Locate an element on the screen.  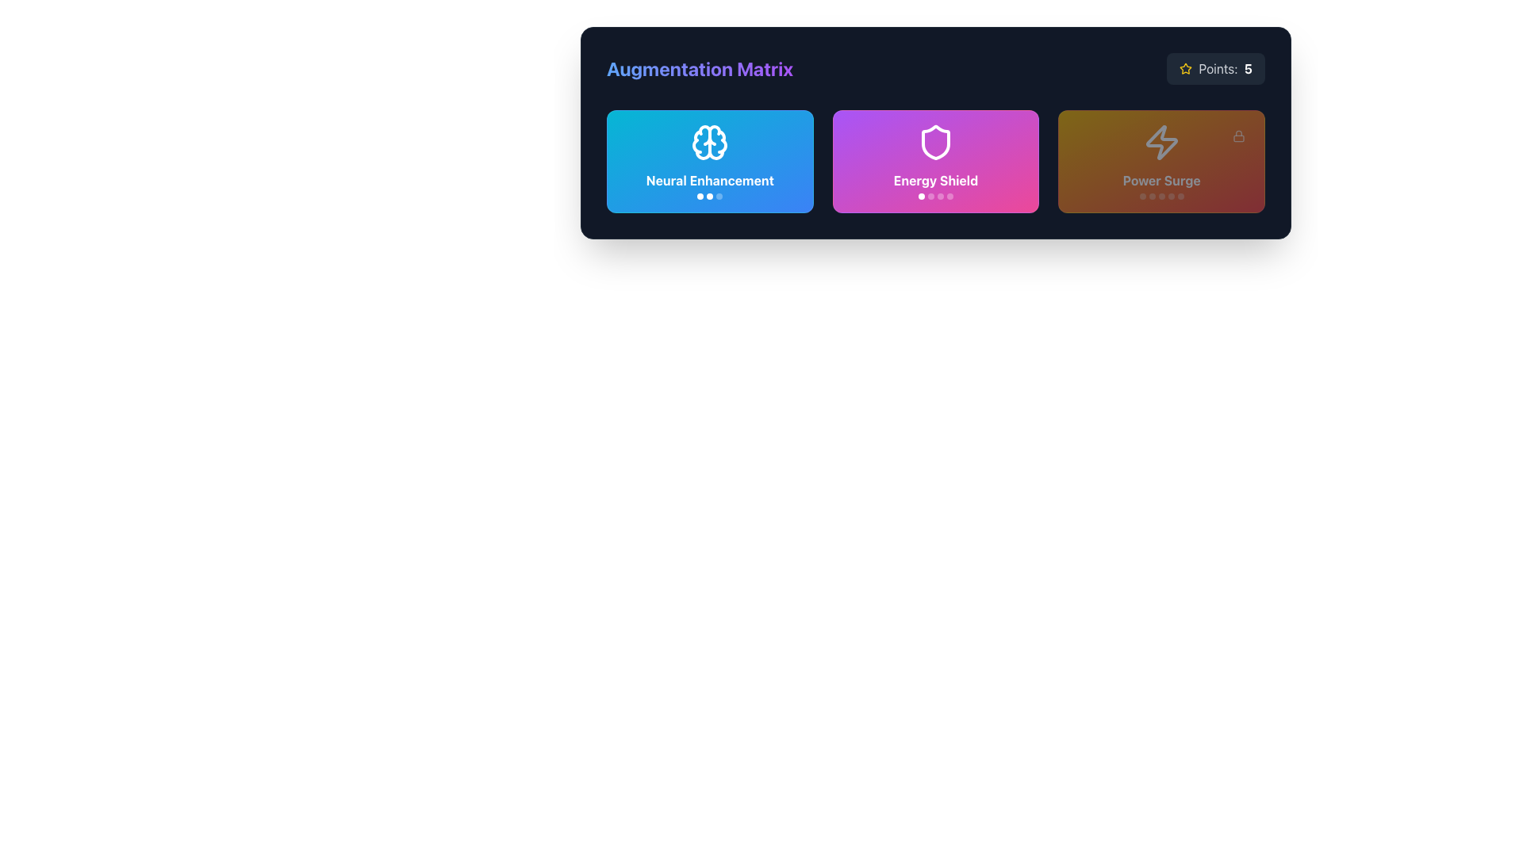
the Text Label displaying 'Augmentation Matrix', which is prominently styled with a gradient from blue to purple and positioned on the left side of the header section is located at coordinates (699, 68).